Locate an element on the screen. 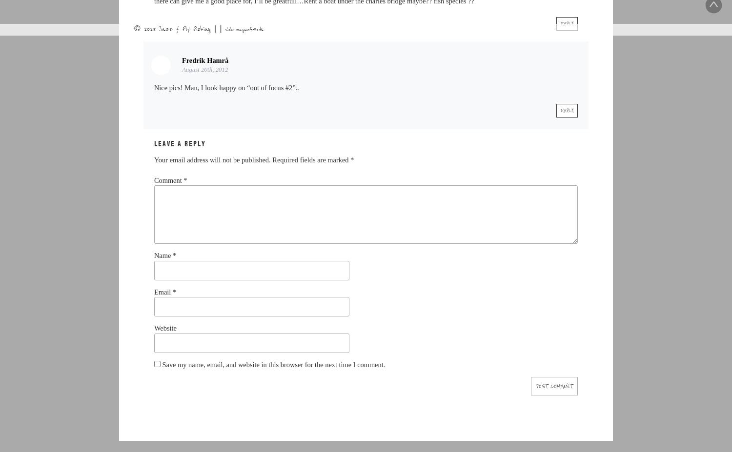 The width and height of the screenshot is (732, 452). 'Leave a Reply' is located at coordinates (179, 143).